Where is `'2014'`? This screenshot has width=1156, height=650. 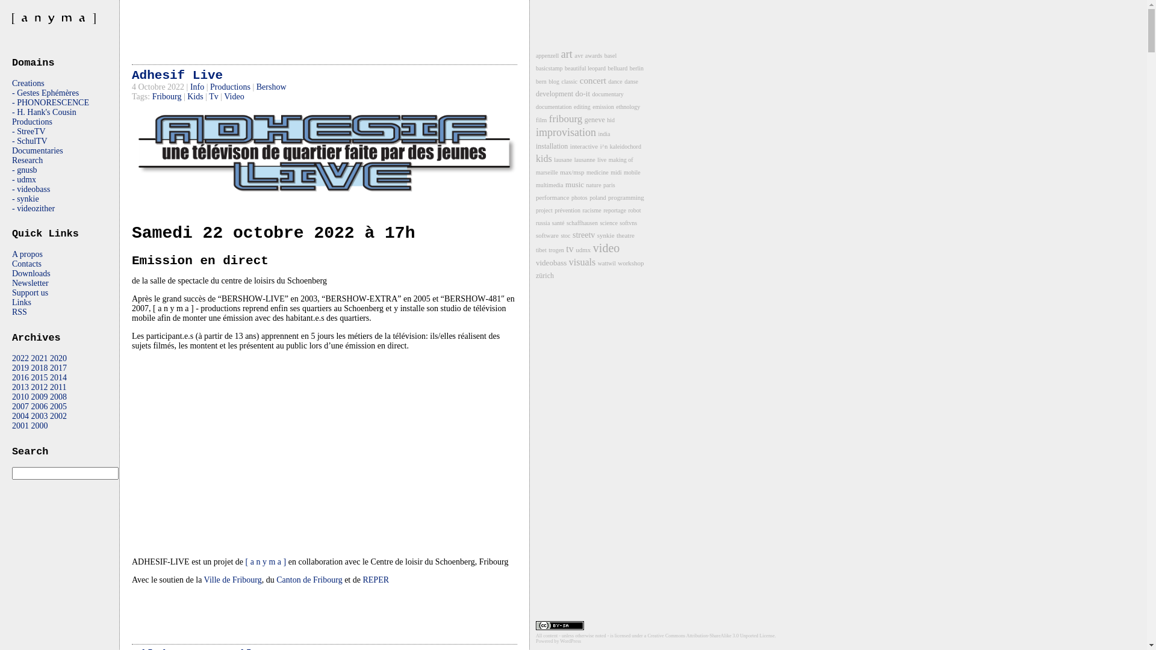
'2014' is located at coordinates (49, 377).